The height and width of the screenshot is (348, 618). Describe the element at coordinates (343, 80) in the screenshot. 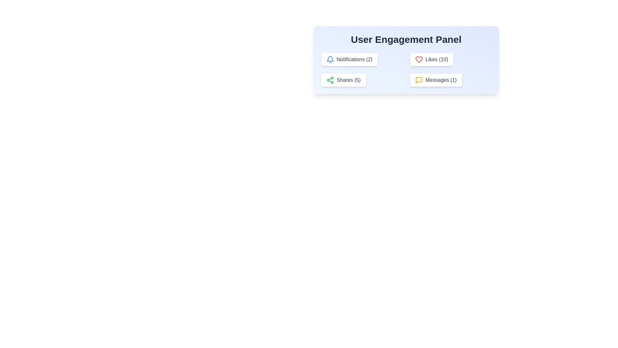

I see `the white rectangular button with rounded corners that contains a green share icon and the text 'Shares (5)' to change its appearance` at that location.